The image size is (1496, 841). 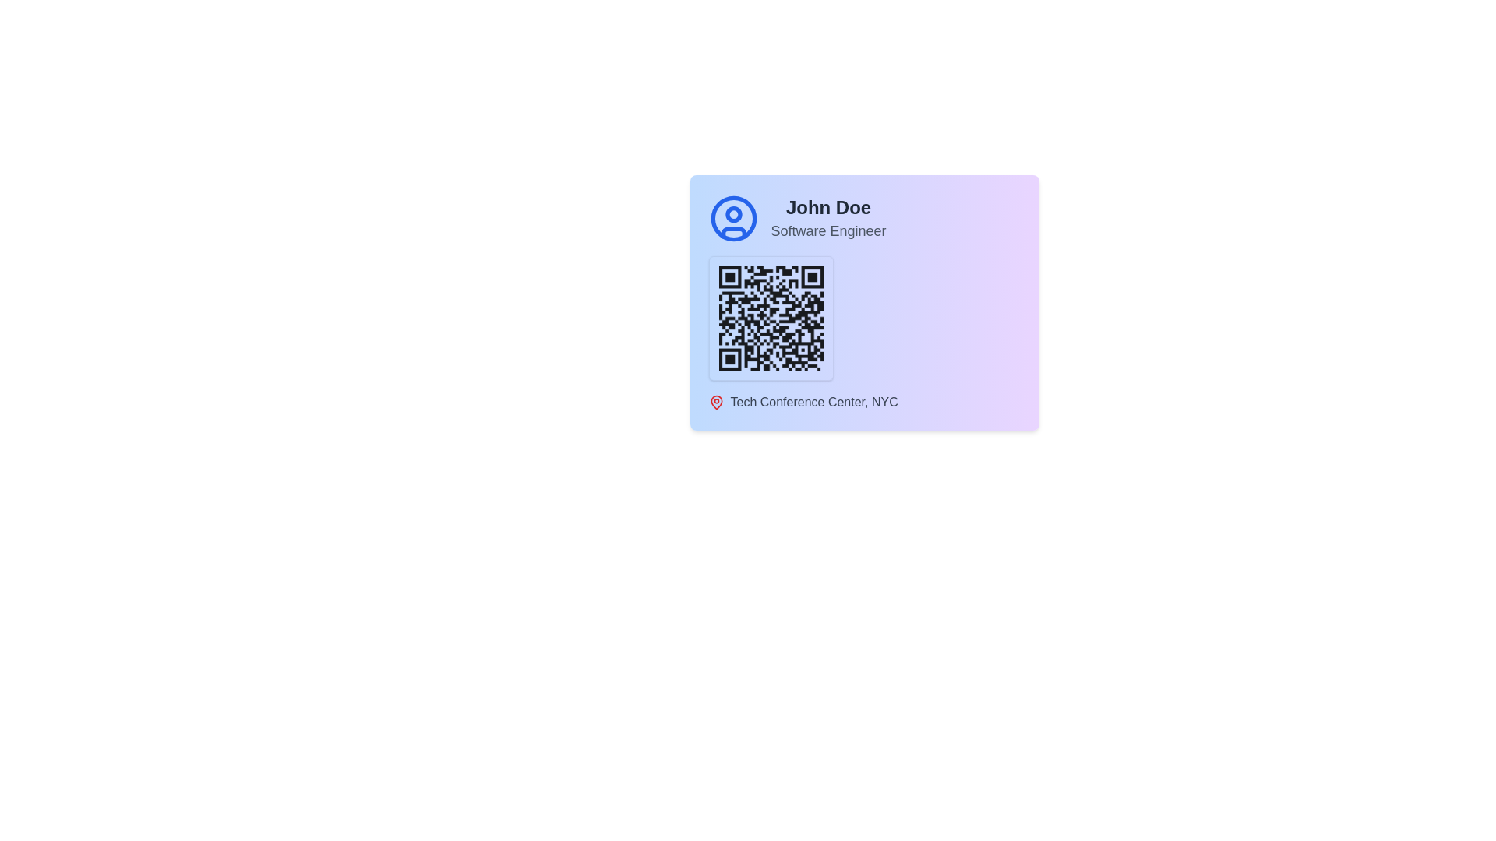 I want to click on lower portion of the user profile icon represented by a blue curved line segment in the SVG, located to the left of the 'John Doe' label, so click(x=732, y=233).